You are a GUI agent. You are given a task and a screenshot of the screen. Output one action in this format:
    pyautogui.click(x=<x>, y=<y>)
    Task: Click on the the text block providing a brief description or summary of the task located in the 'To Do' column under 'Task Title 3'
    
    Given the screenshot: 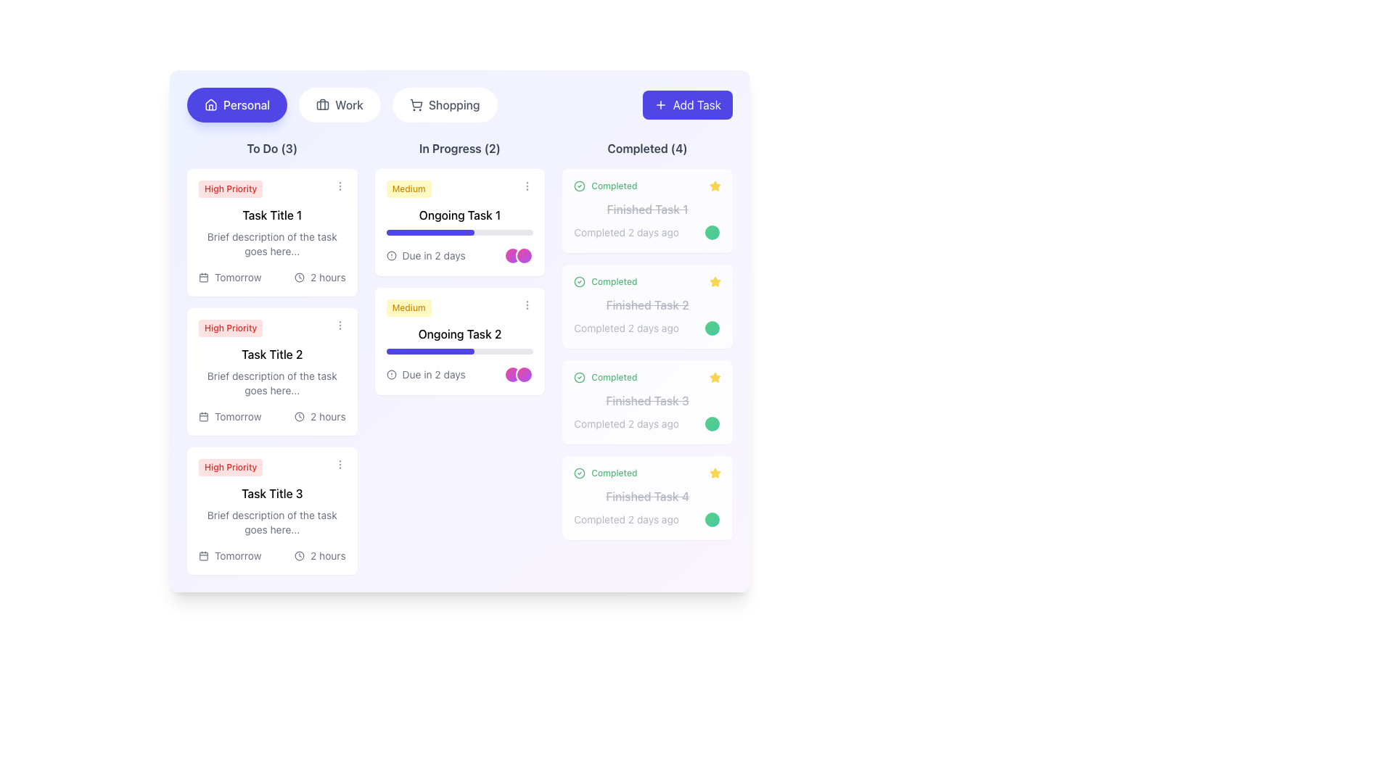 What is the action you would take?
    pyautogui.click(x=272, y=523)
    